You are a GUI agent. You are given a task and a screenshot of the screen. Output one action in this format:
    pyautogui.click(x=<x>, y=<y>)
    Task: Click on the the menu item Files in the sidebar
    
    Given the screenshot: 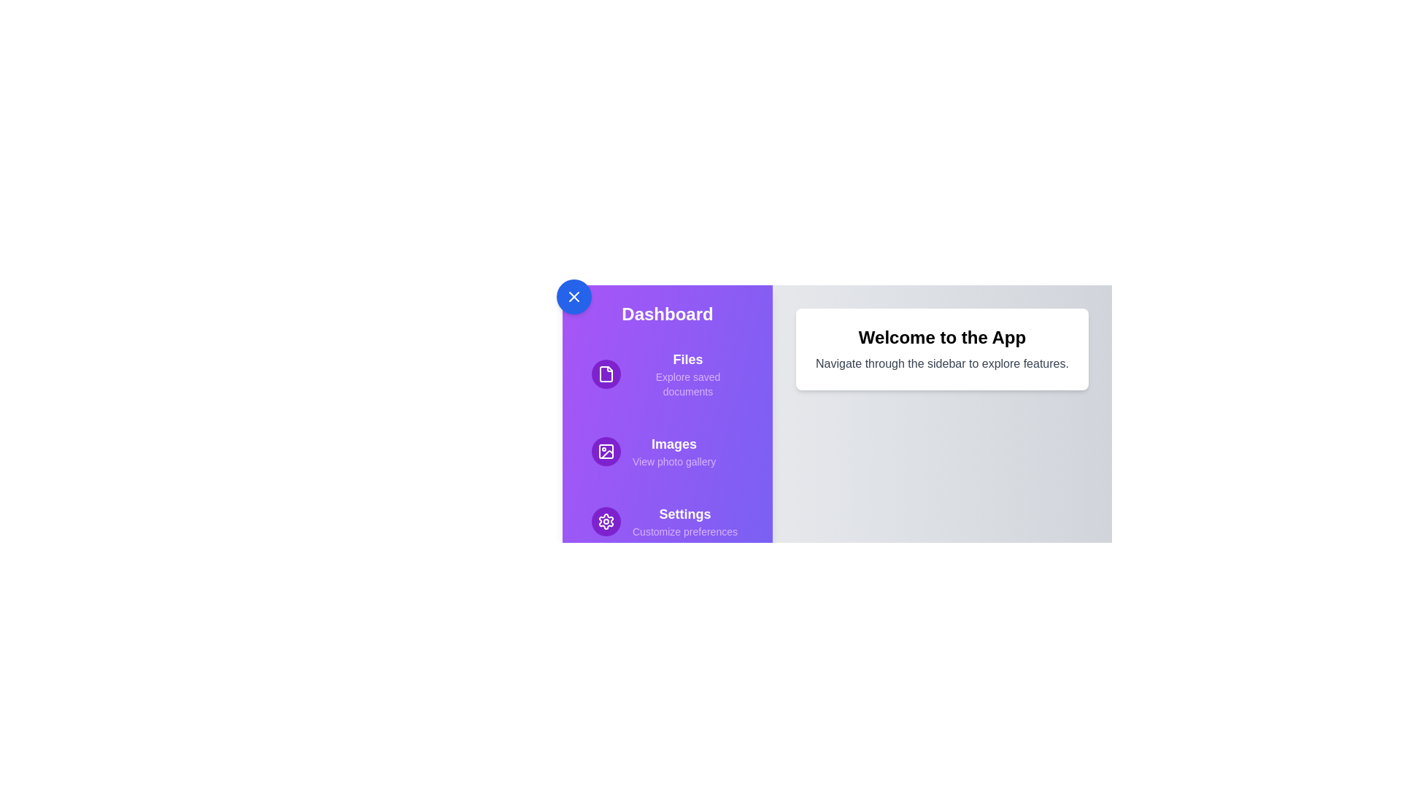 What is the action you would take?
    pyautogui.click(x=667, y=374)
    